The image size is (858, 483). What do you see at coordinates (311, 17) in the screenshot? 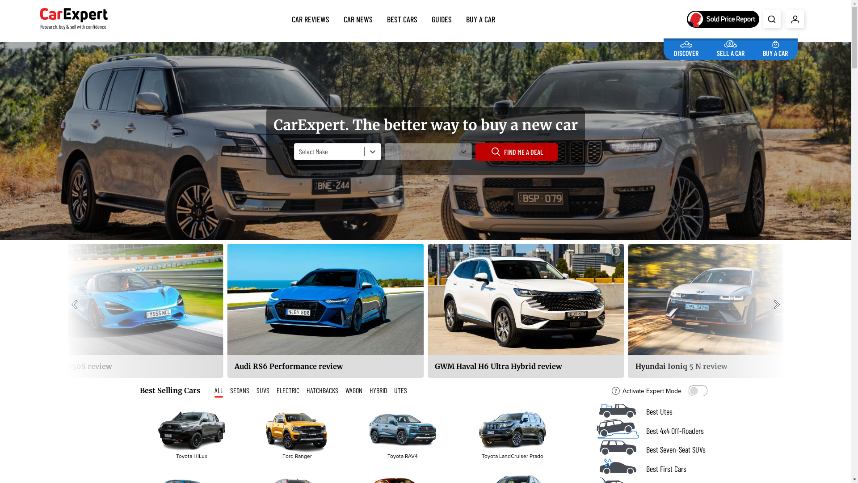
I see `'CAR REVIEWS'` at bounding box center [311, 17].